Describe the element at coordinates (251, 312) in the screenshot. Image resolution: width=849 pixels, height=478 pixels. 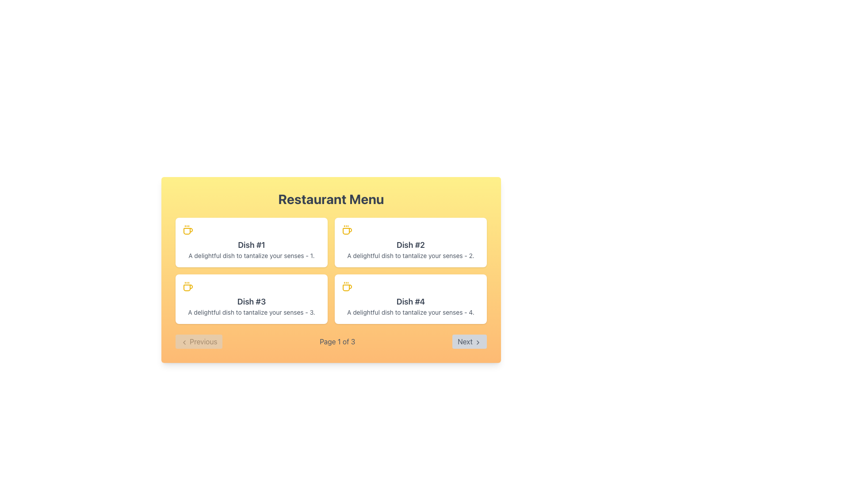
I see `the Text Label that provides details about 'Dish #3', located below the heading and aligned to its left` at that location.